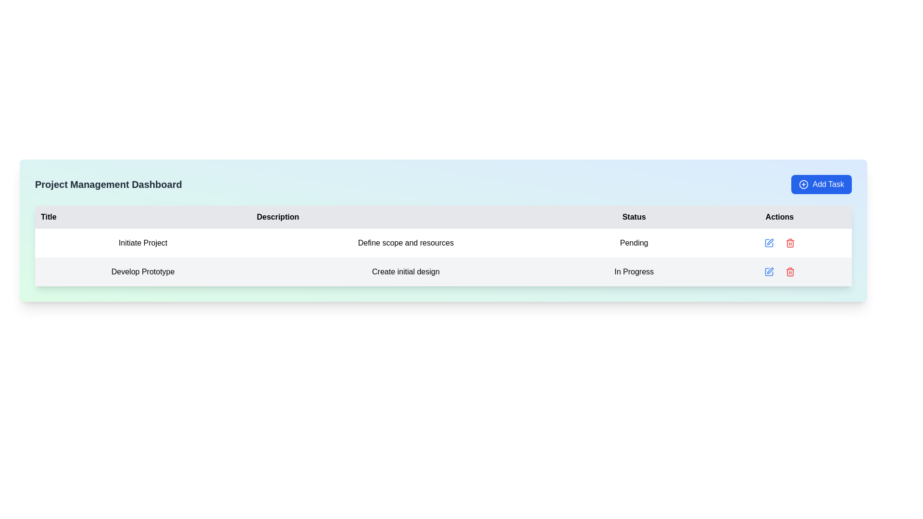 The image size is (923, 519). Describe the element at coordinates (790, 272) in the screenshot. I see `the red trash bin icon button located in the 'Actions' column of the second row in the table` at that location.